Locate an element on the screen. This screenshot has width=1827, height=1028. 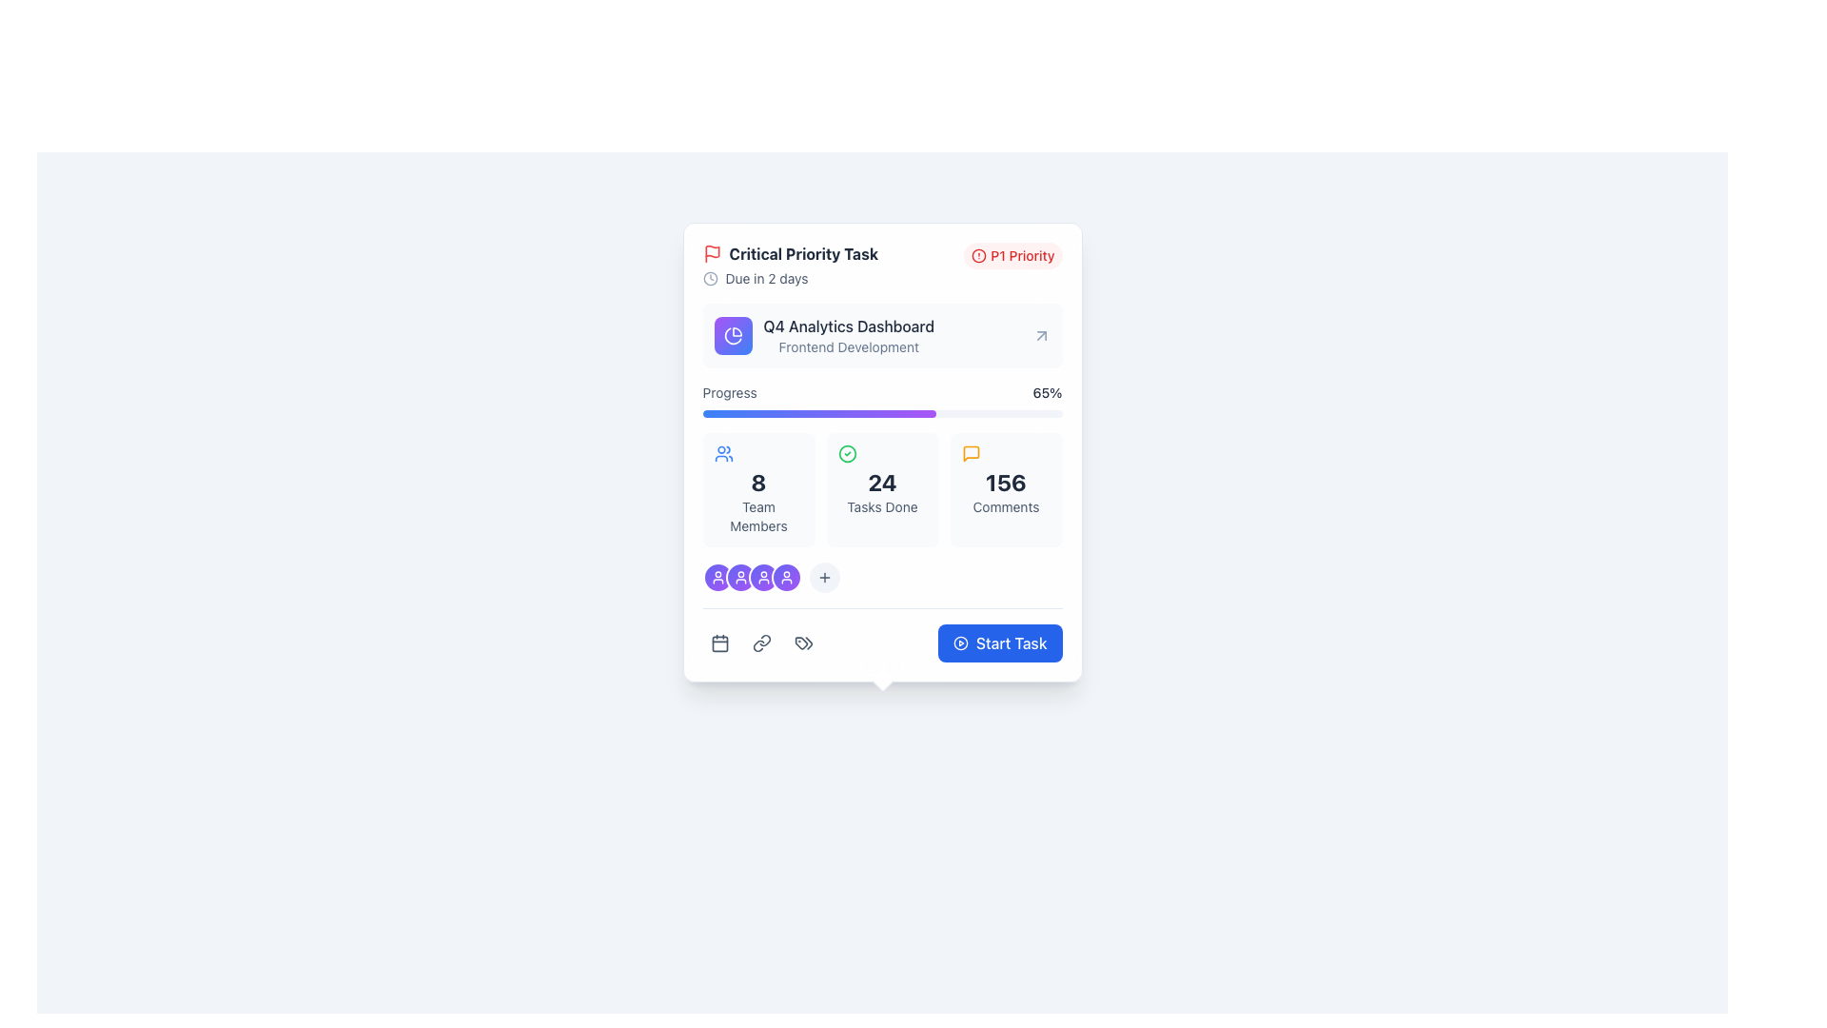
bold, large-sized number '24' displayed in the 'Tasks Done' section, which is located in a light-colored background box with rounded corners, positioned centrally beneath a green check icon is located at coordinates (881, 481).